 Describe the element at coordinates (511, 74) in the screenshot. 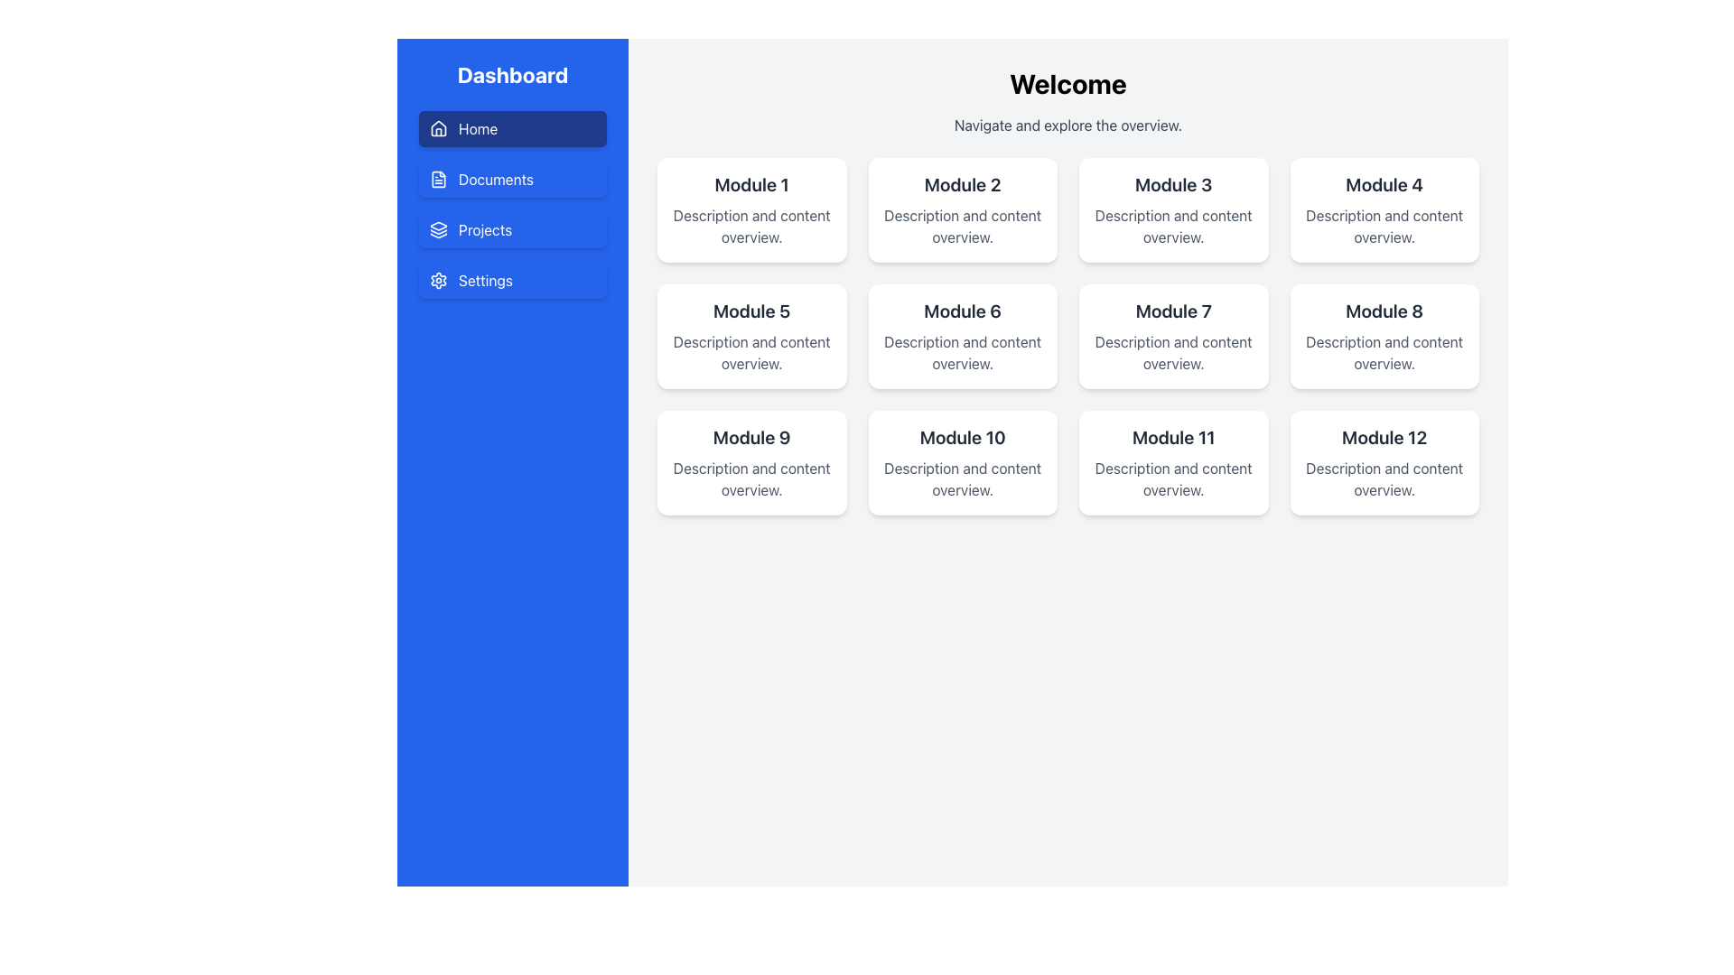

I see `the 'Dashboard' text label located at the top of the blue sidebar on the left side of the layout, which acts as the title for the section` at that location.